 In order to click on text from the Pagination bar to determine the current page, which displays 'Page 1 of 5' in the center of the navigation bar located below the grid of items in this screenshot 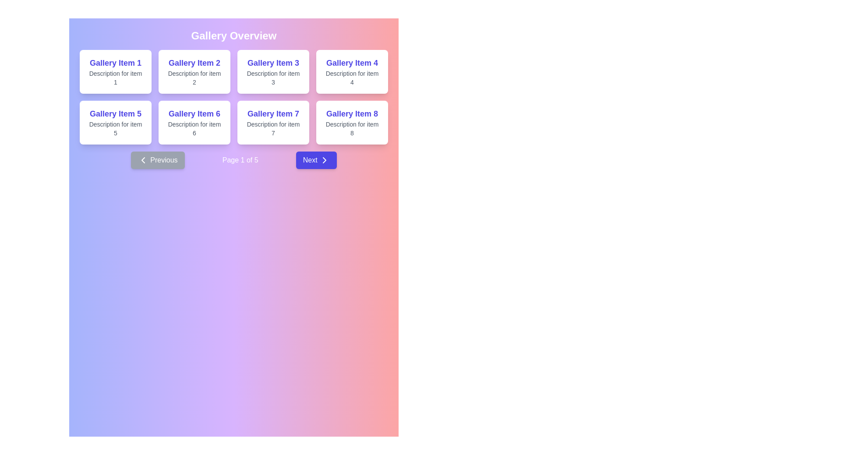, I will do `click(233, 160)`.